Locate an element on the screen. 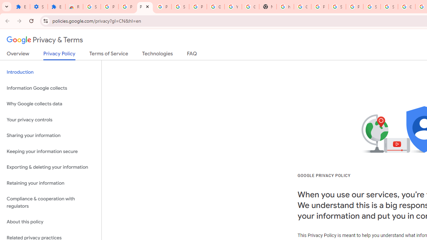 Image resolution: width=427 pixels, height=240 pixels. 'New Tab' is located at coordinates (268, 7).